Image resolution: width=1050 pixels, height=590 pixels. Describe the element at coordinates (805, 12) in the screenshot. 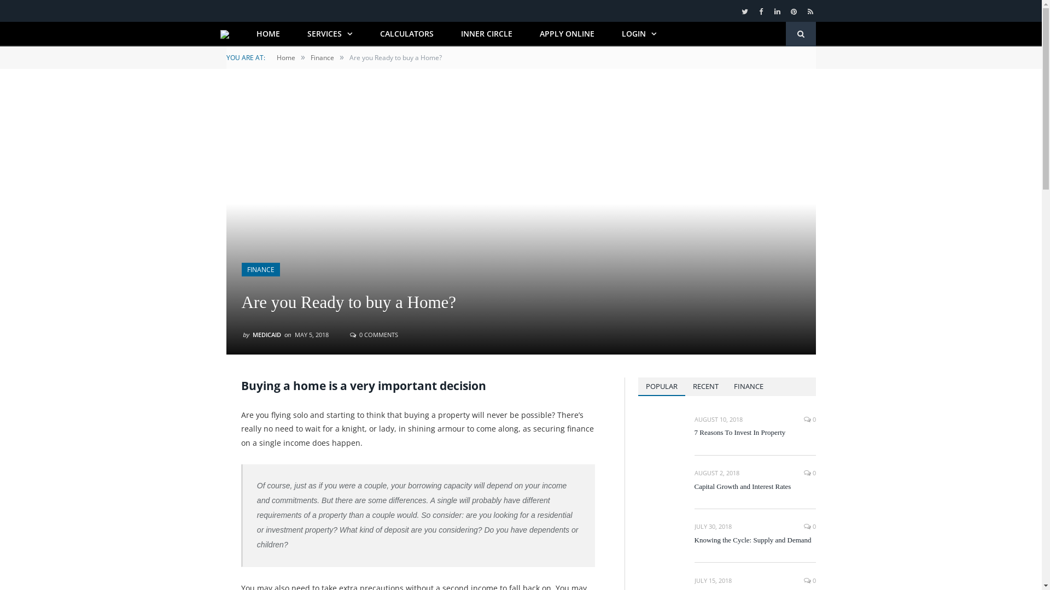

I see `'RSS'` at that location.